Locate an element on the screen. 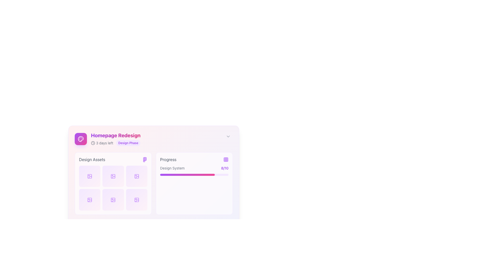  the first Decorative SVG rectangle in the grid icon located at the top-right of the 'Progress' section is located at coordinates (225, 159).